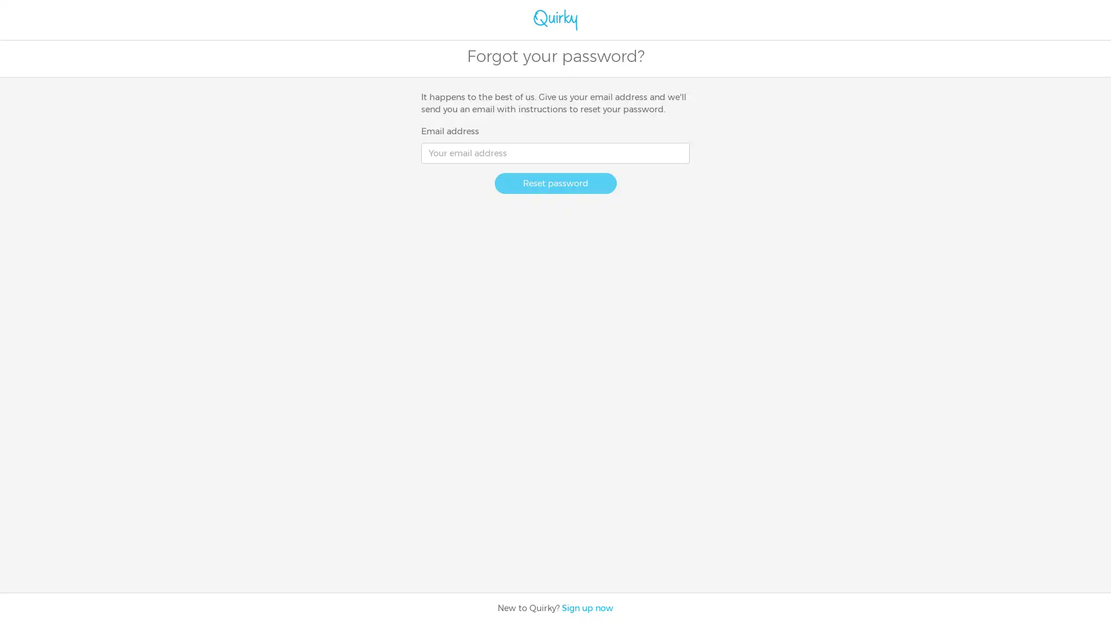 Image resolution: width=1111 pixels, height=625 pixels. I want to click on Reset password, so click(554, 182).